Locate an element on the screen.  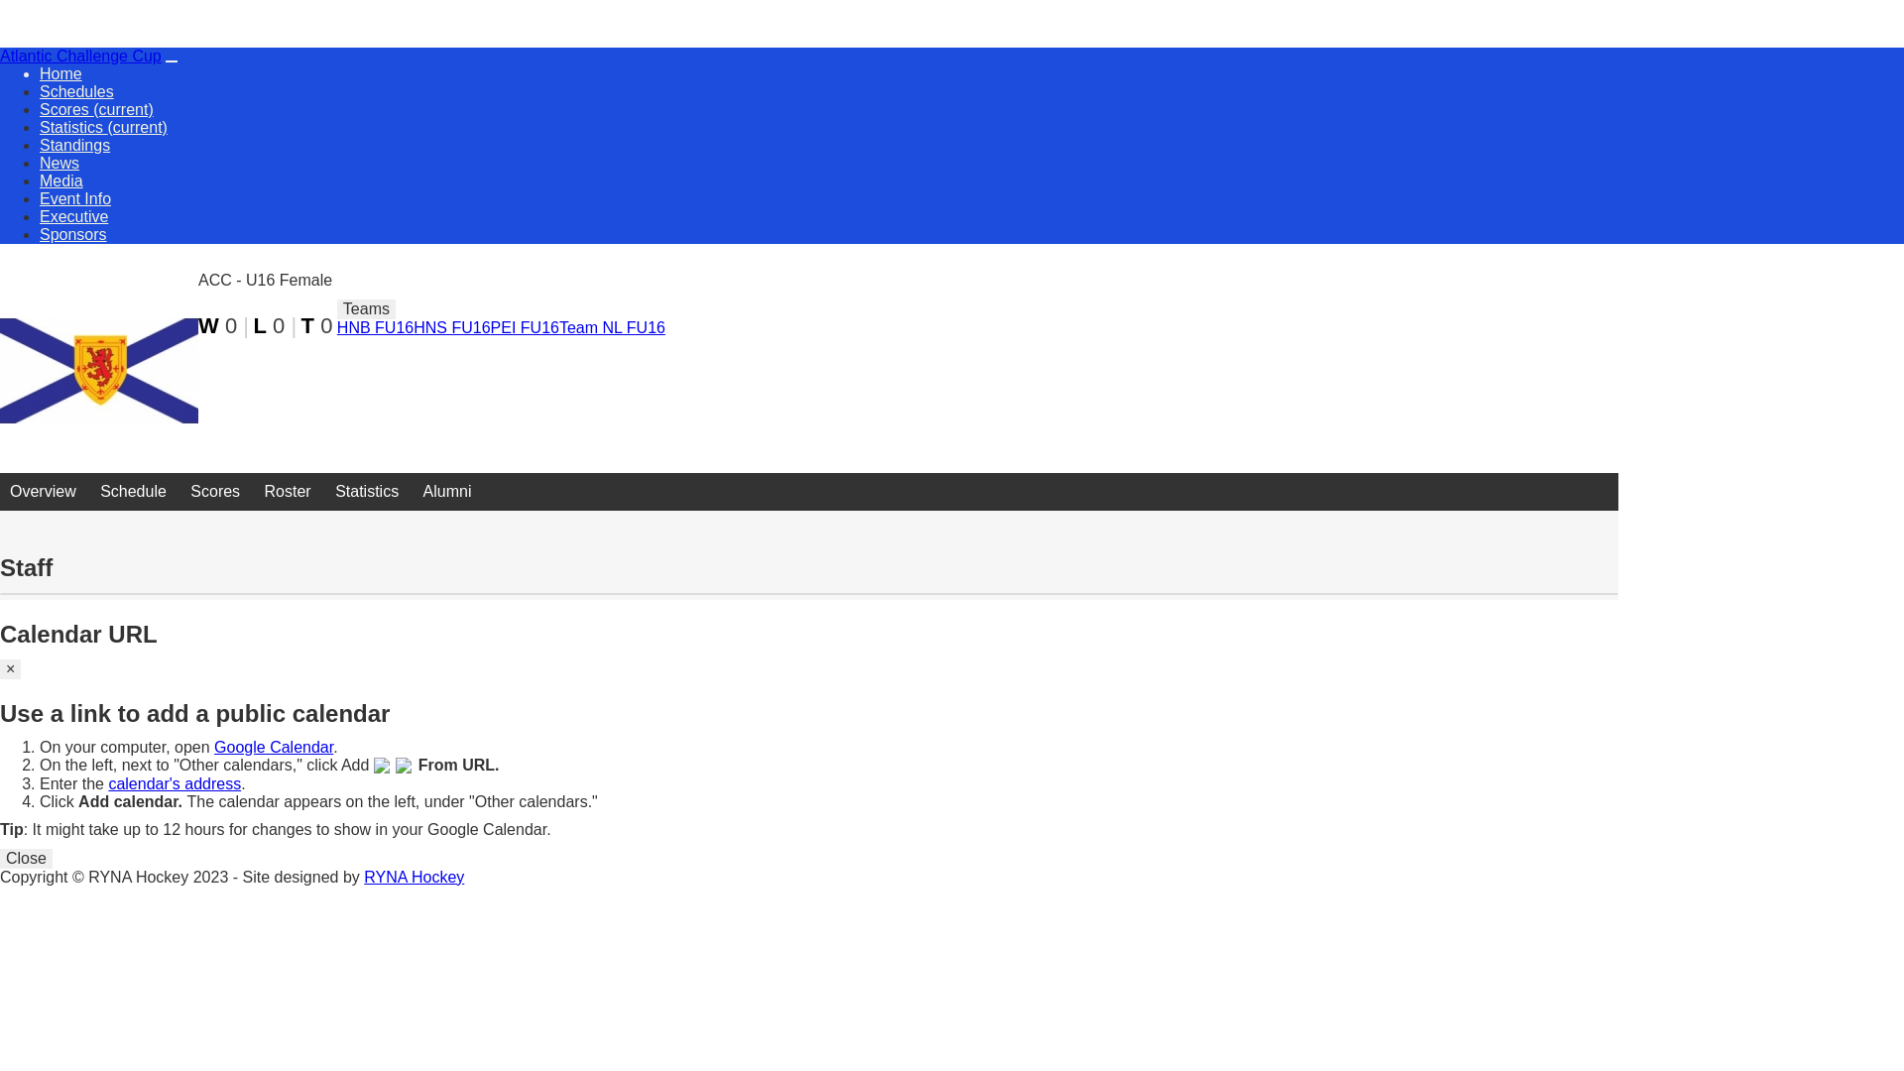
'calendar's address' is located at coordinates (107, 782).